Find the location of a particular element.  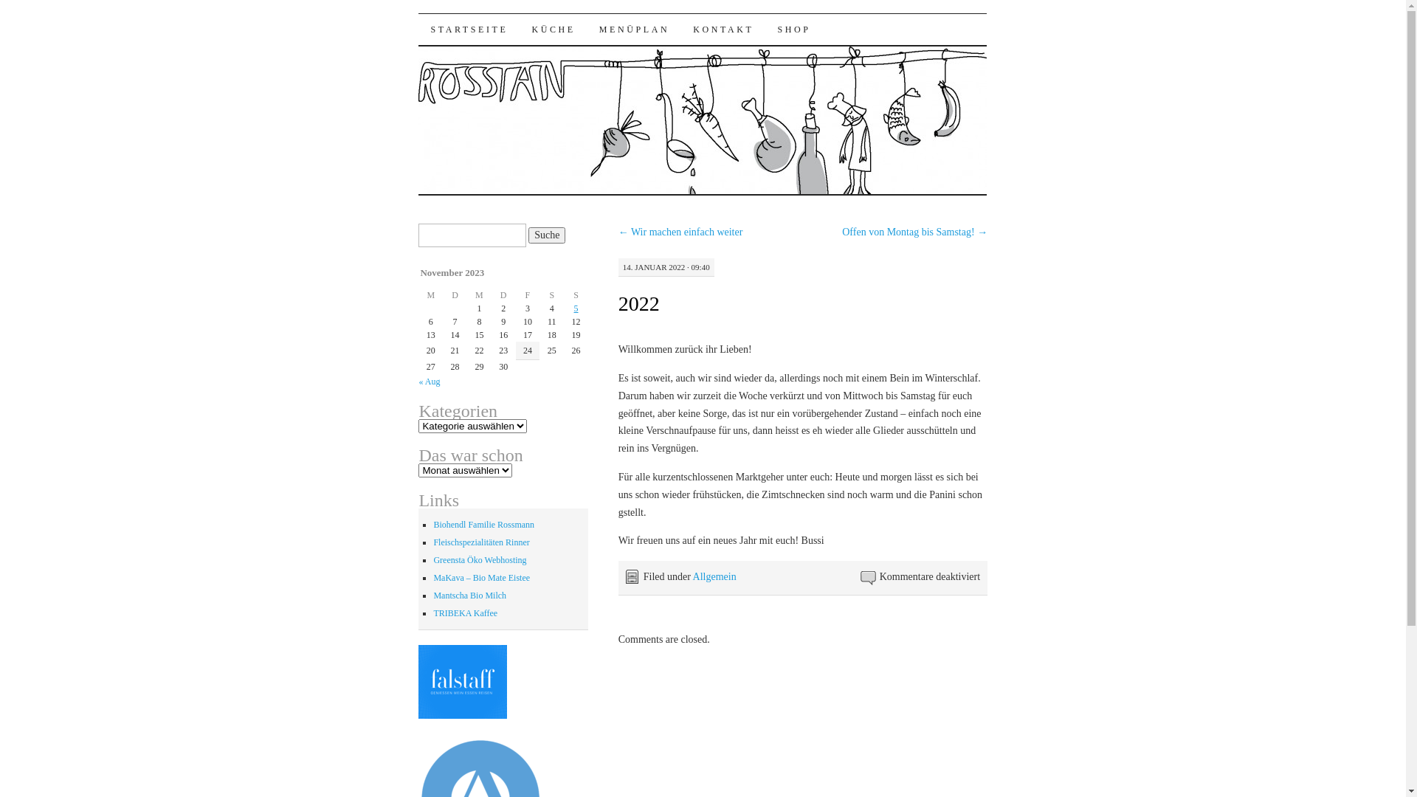

'Mantscha Bio Milch' is located at coordinates (432, 594).